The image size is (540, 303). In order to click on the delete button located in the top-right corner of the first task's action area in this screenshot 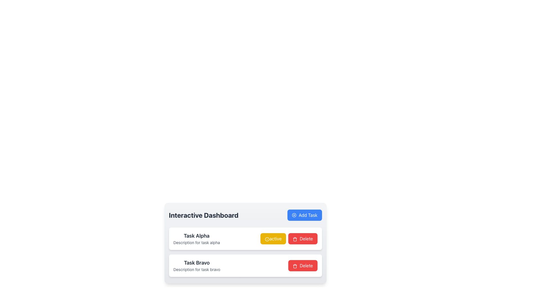, I will do `click(302, 239)`.